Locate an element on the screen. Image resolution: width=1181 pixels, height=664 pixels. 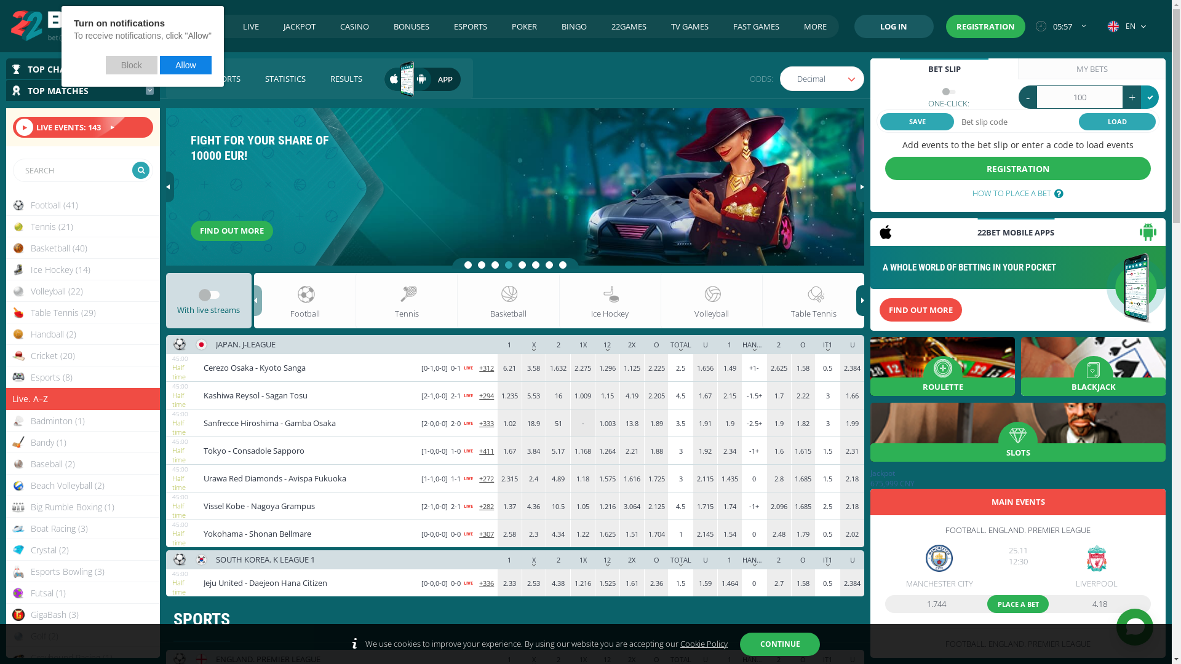
'LIVE EVENTS: 143' is located at coordinates (12, 127).